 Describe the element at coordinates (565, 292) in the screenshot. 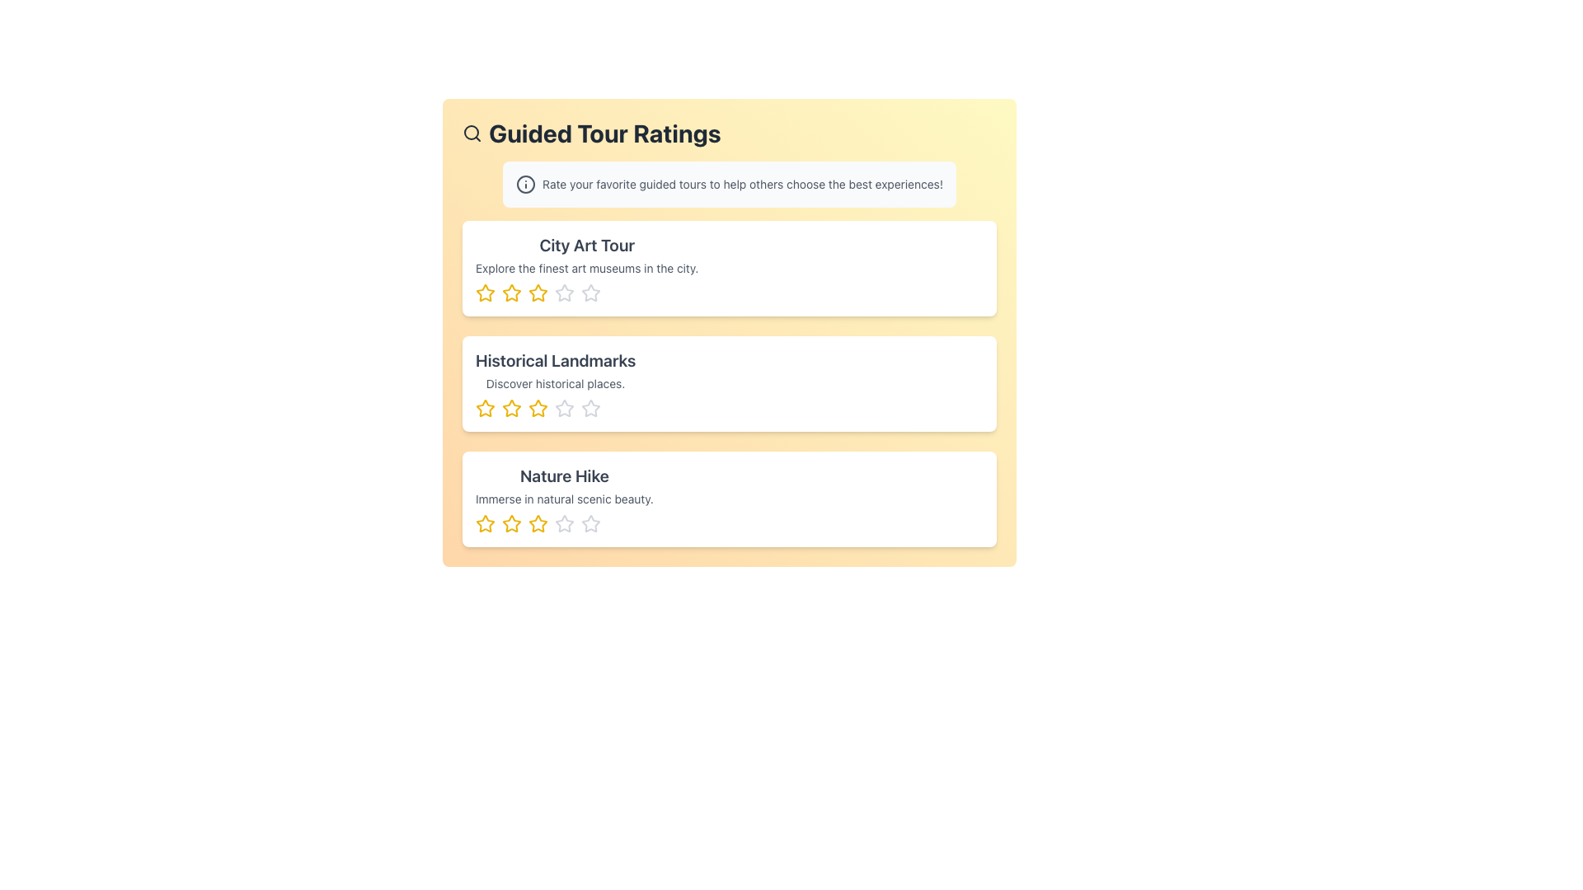

I see `the fourth star icon in the rating stars for the 'City Art Tour' section` at that location.